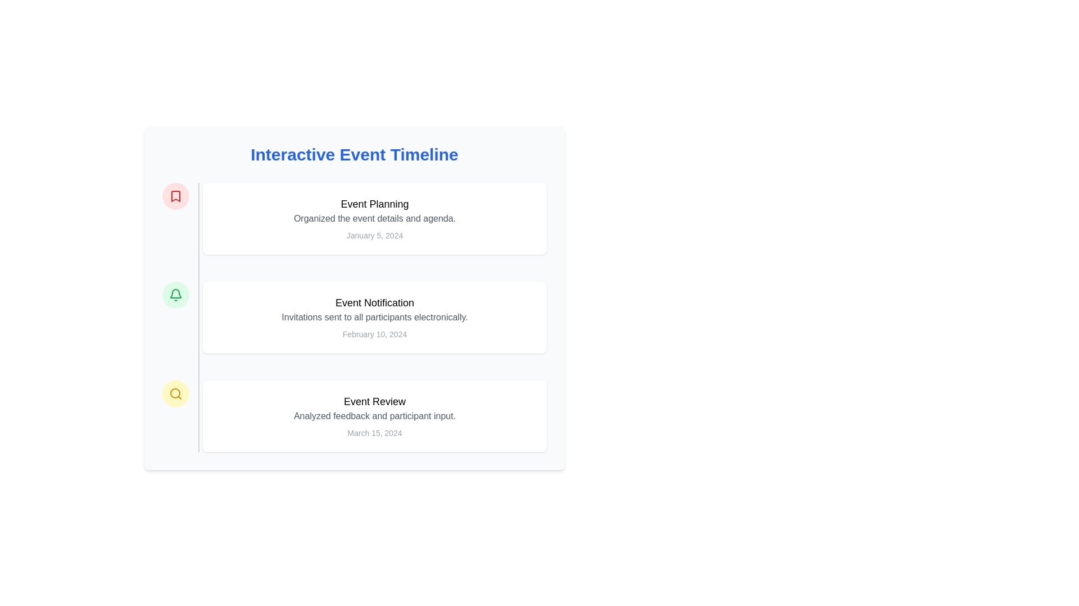 This screenshot has height=606, width=1079. What do you see at coordinates (375, 416) in the screenshot?
I see `details of the third card in the vertical list that displays information about an event review, which includes the event name, summary, and date` at bounding box center [375, 416].